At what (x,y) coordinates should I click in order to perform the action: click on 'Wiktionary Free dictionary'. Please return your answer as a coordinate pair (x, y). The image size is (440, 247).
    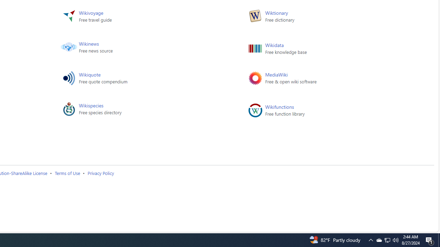
    Looking at the image, I should click on (330, 17).